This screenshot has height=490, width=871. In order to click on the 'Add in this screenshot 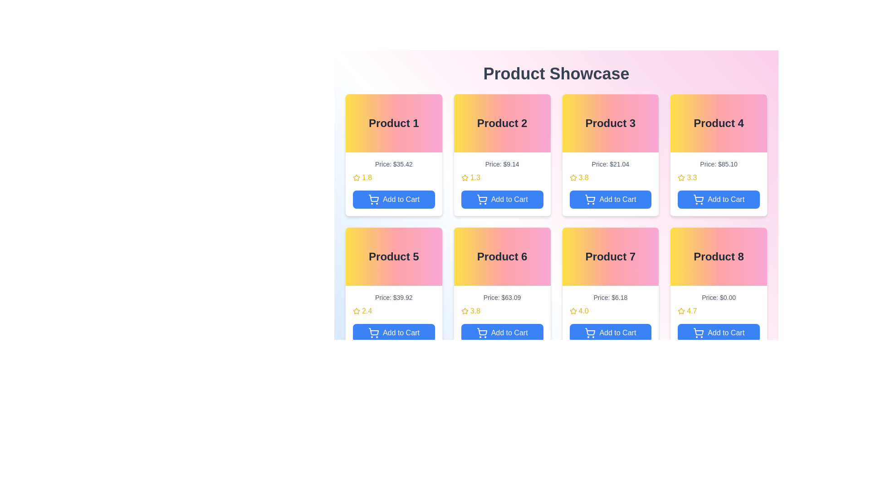, I will do `click(590, 199)`.